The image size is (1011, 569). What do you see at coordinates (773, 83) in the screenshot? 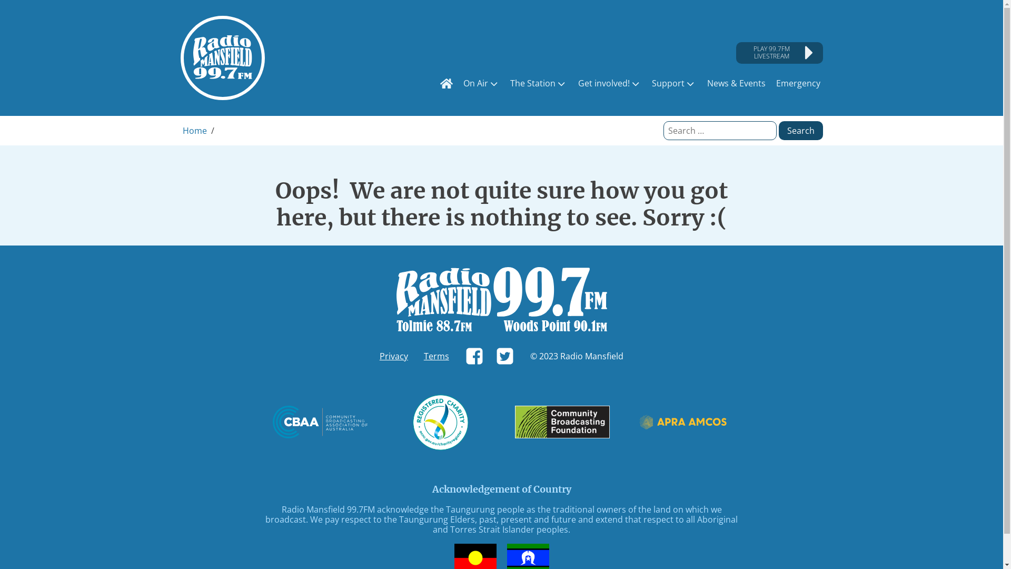
I see `'Emergency'` at bounding box center [773, 83].